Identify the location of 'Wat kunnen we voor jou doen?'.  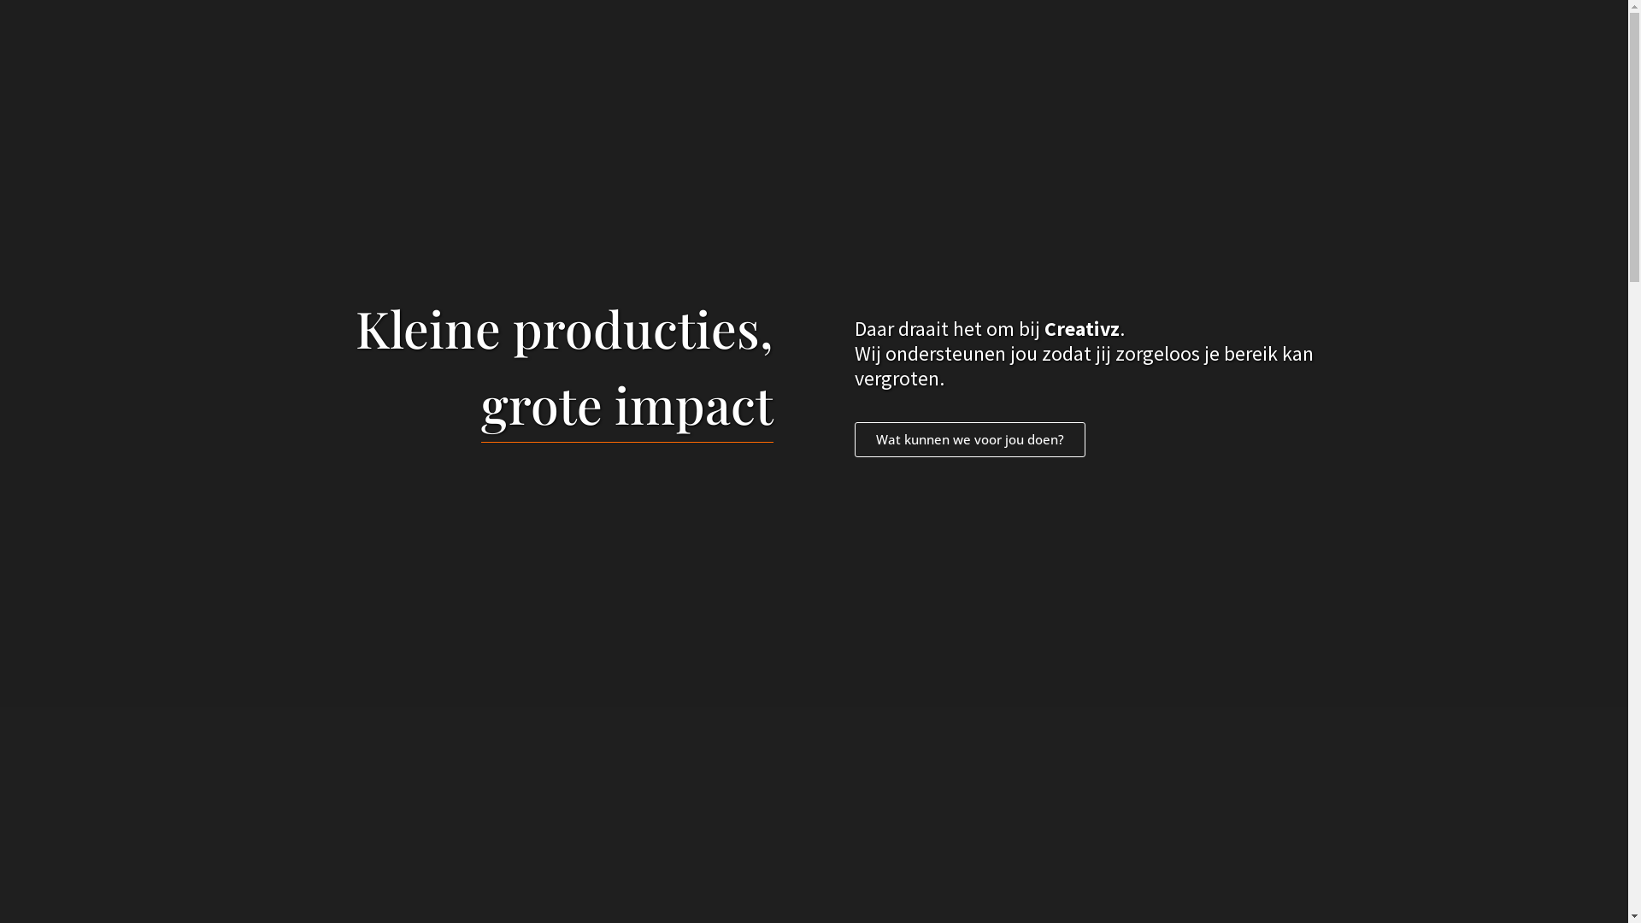
(969, 438).